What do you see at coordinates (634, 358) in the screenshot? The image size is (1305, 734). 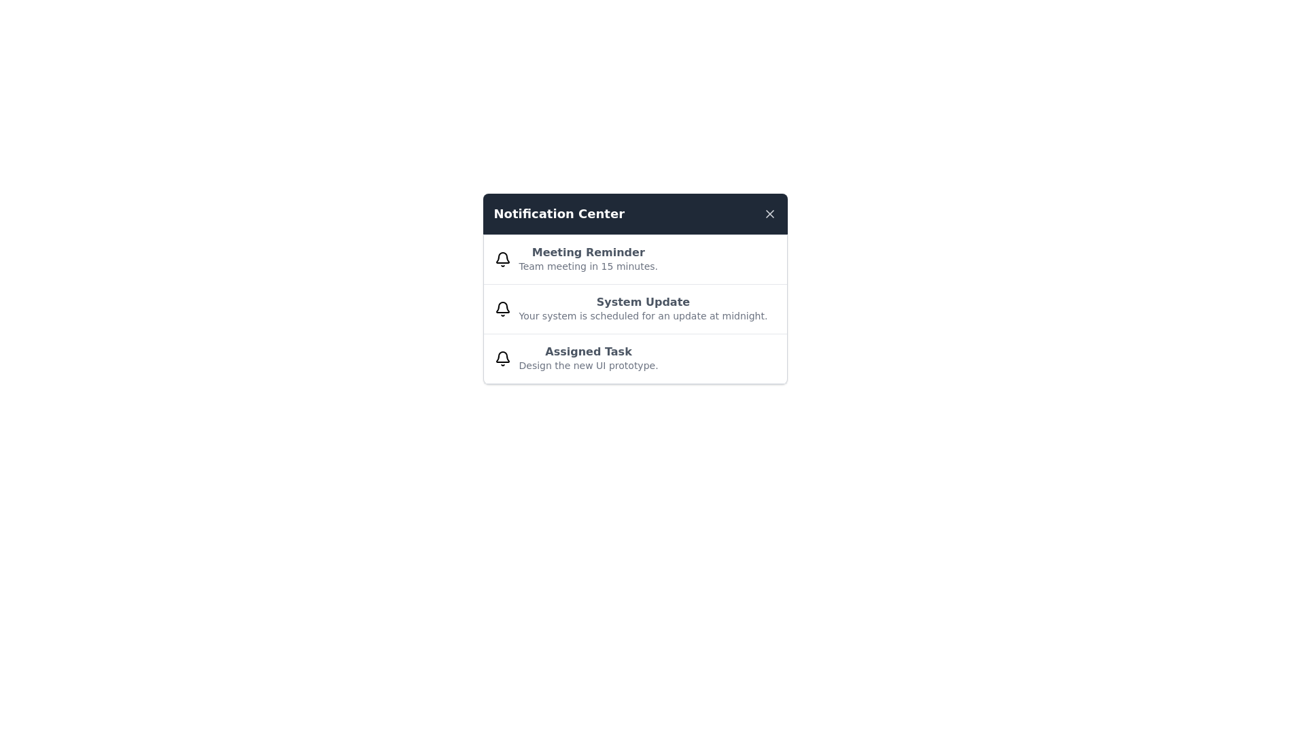 I see `the notification item titled 'Assigned Task' with the description 'Design the new UI prototype'` at bounding box center [634, 358].